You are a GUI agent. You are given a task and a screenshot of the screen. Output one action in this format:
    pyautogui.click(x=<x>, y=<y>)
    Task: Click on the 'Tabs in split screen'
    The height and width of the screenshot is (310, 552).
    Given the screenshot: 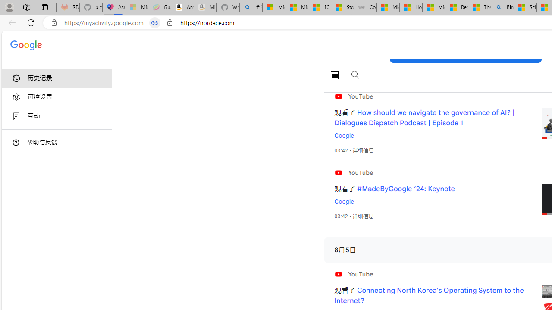 What is the action you would take?
    pyautogui.click(x=155, y=22)
    